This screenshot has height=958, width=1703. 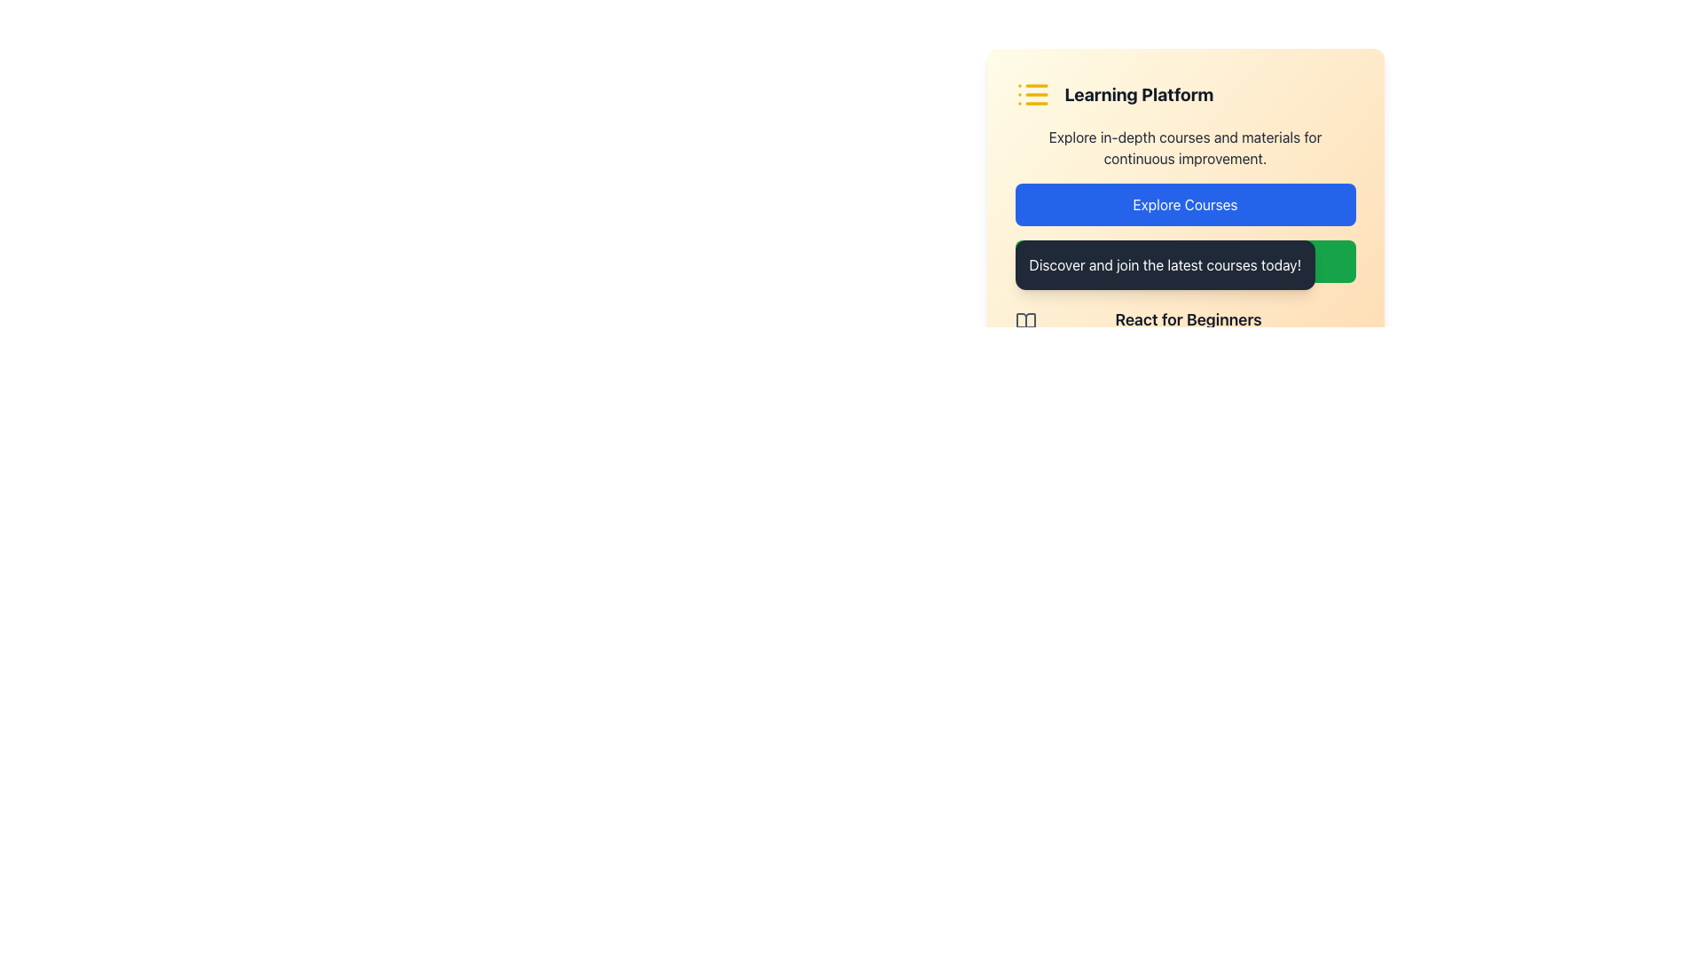 What do you see at coordinates (1185, 204) in the screenshot?
I see `the 'Explore Courses' button, which is horizontally centered below the text 'Explore in-depth courses and materials for continuous improvement.' and above a tooltip-like bar with 'Discover and join the latest courses today!'` at bounding box center [1185, 204].